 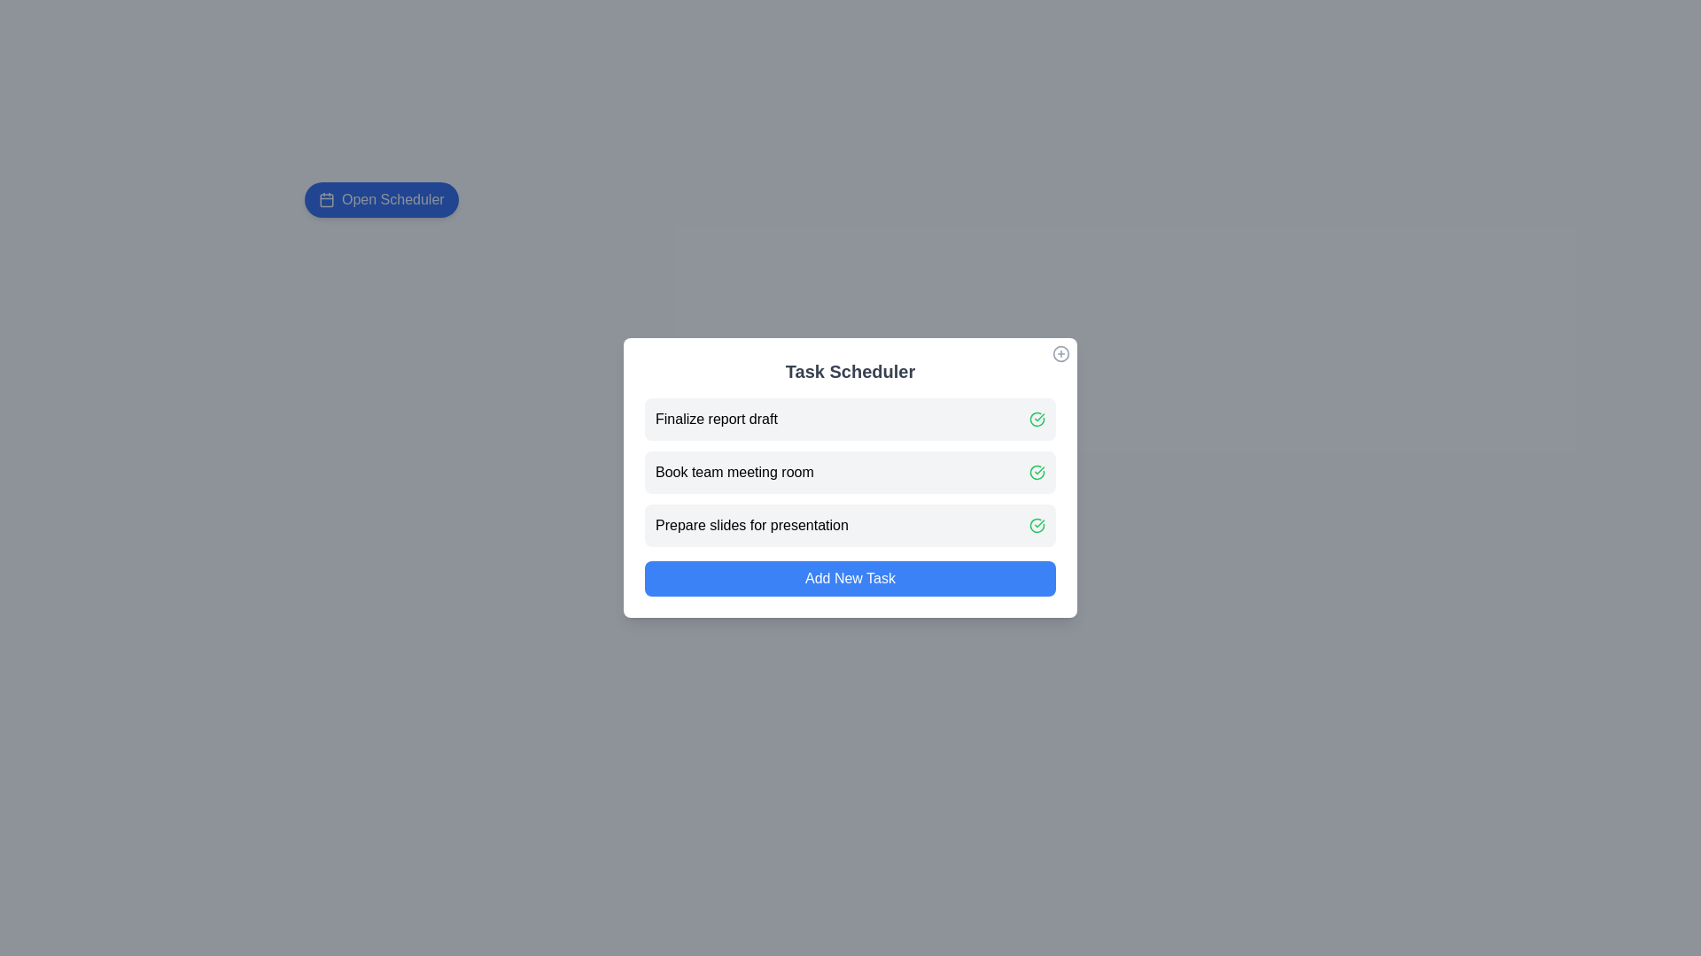 What do you see at coordinates (850, 471) in the screenshot?
I see `the task item for booking a team meeting room, which is the second item in the task list within the 'Task Scheduler' card, indicated by a green checkmark for completion` at bounding box center [850, 471].